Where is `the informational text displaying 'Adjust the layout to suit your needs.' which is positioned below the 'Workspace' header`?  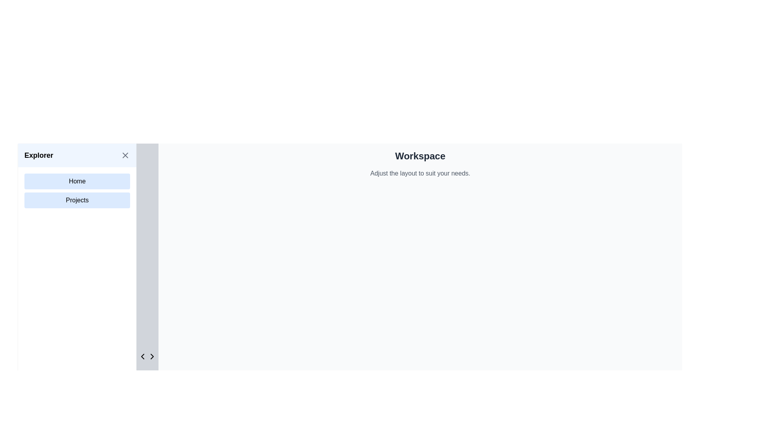 the informational text displaying 'Adjust the layout to suit your needs.' which is positioned below the 'Workspace' header is located at coordinates (420, 173).